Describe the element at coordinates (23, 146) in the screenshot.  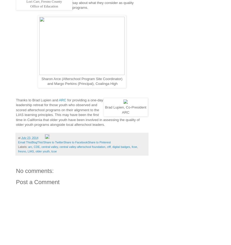
I see `'Labels:'` at that location.